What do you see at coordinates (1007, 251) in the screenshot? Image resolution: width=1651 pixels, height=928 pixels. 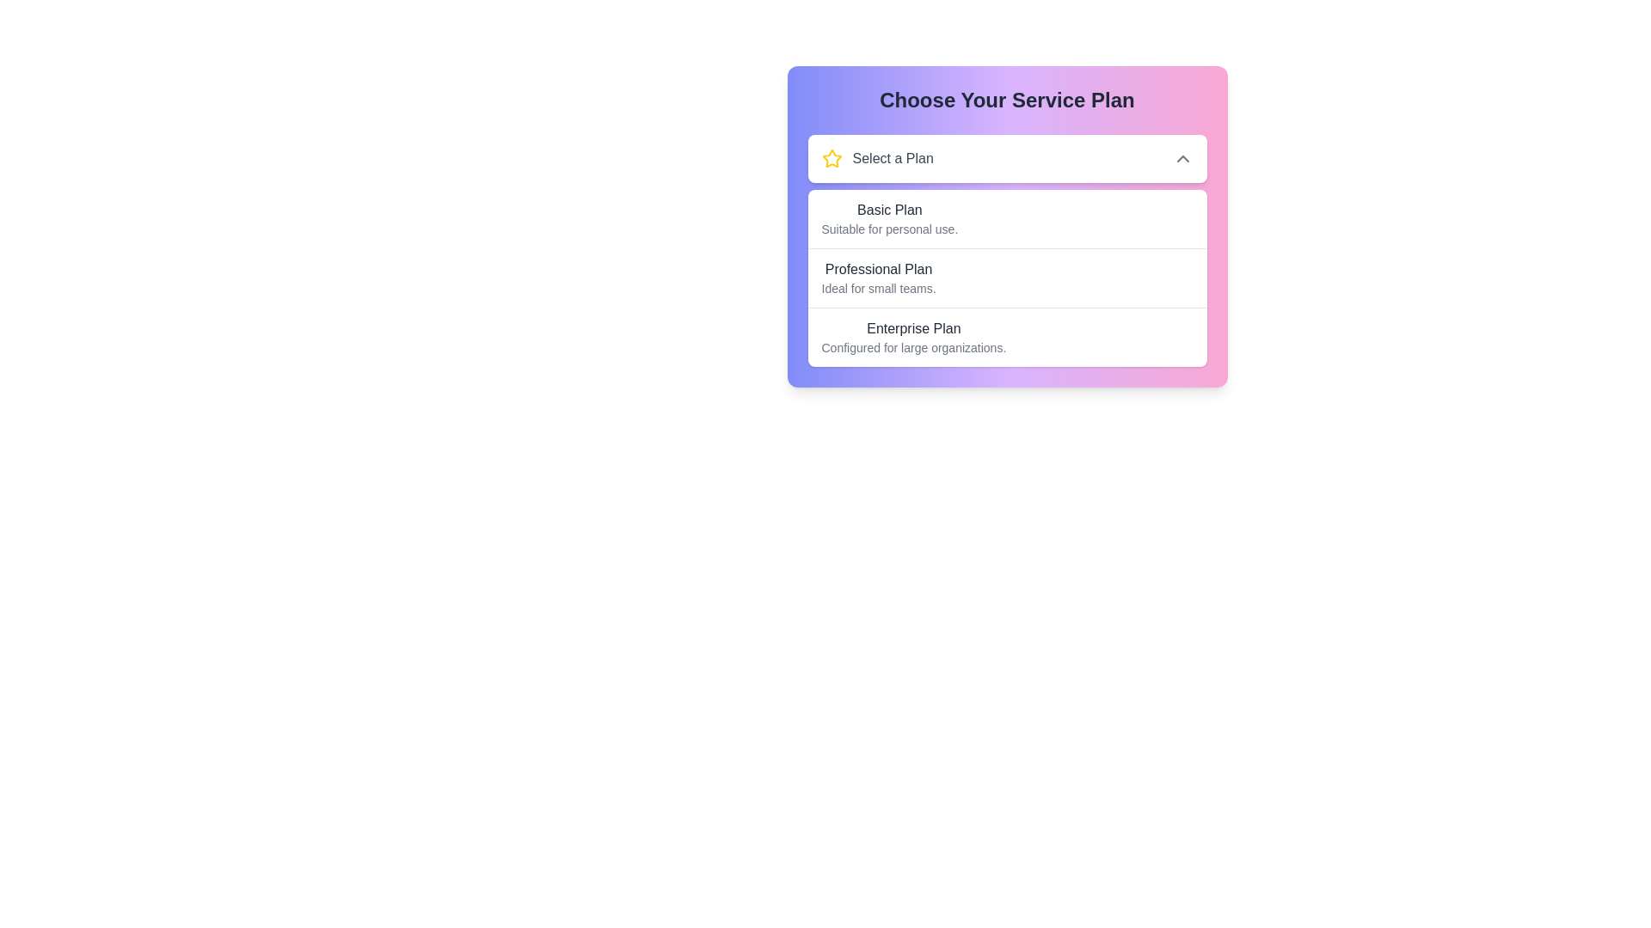 I see `the 'Professional Plan' card, which is the second option in the service plan list` at bounding box center [1007, 251].